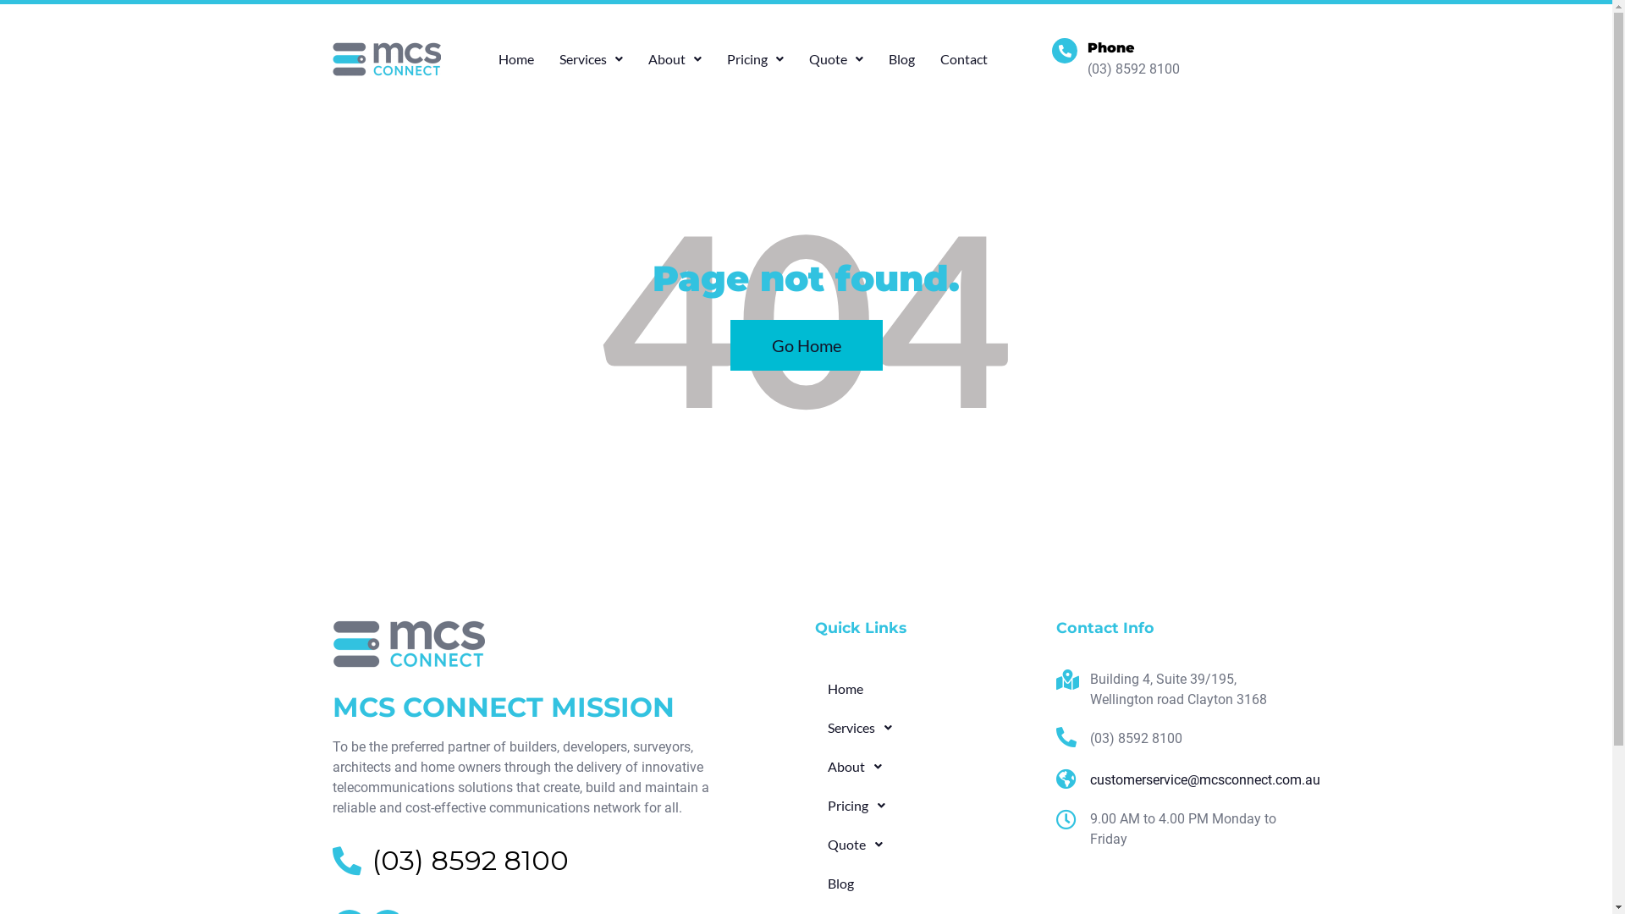 The image size is (1625, 914). I want to click on 'Quote', so click(813, 845).